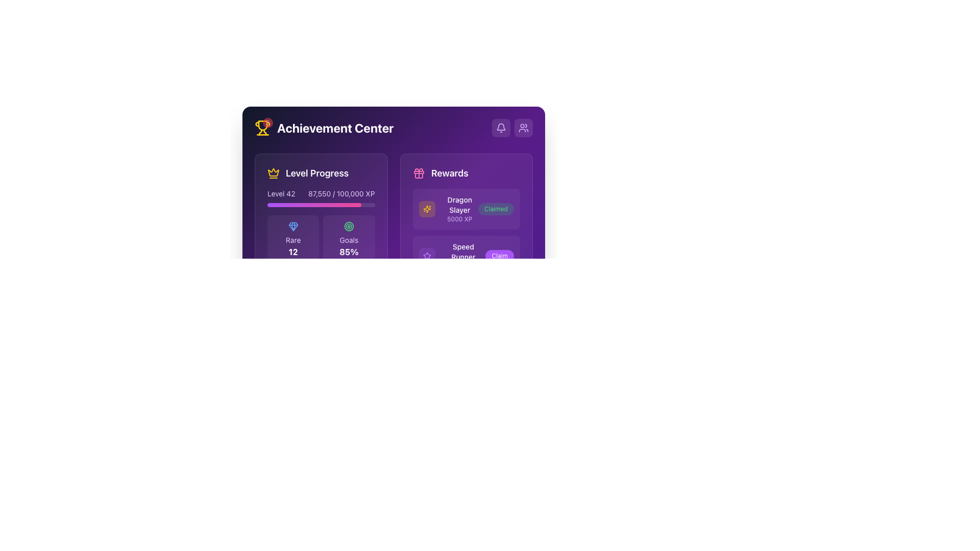 This screenshot has height=551, width=980. Describe the element at coordinates (262, 125) in the screenshot. I see `the internal section of the trophy icon located to the left of the 'Achievement Center' title at the top of the interface` at that location.